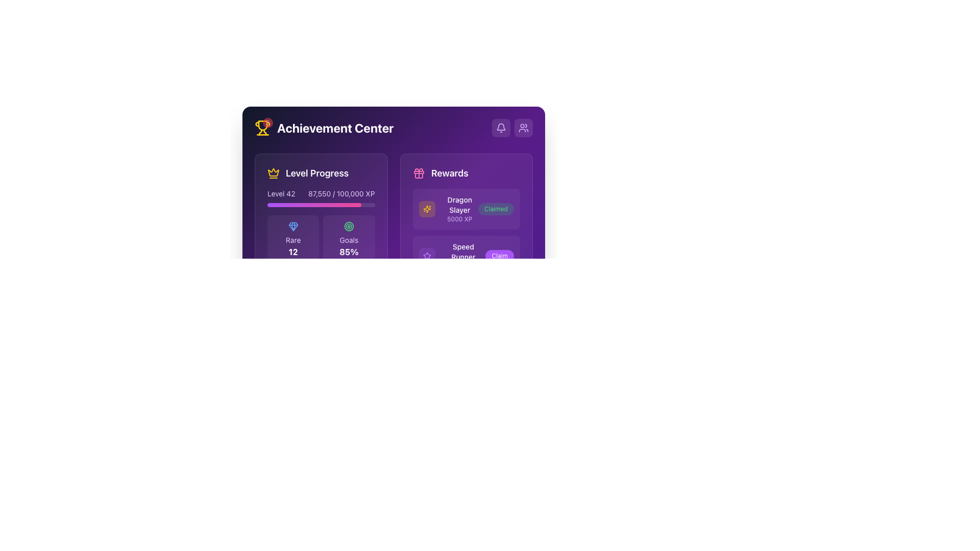 This screenshot has height=551, width=980. Describe the element at coordinates (262, 125) in the screenshot. I see `the internal section of the trophy icon located to the left of the 'Achievement Center' title at the top of the interface` at that location.